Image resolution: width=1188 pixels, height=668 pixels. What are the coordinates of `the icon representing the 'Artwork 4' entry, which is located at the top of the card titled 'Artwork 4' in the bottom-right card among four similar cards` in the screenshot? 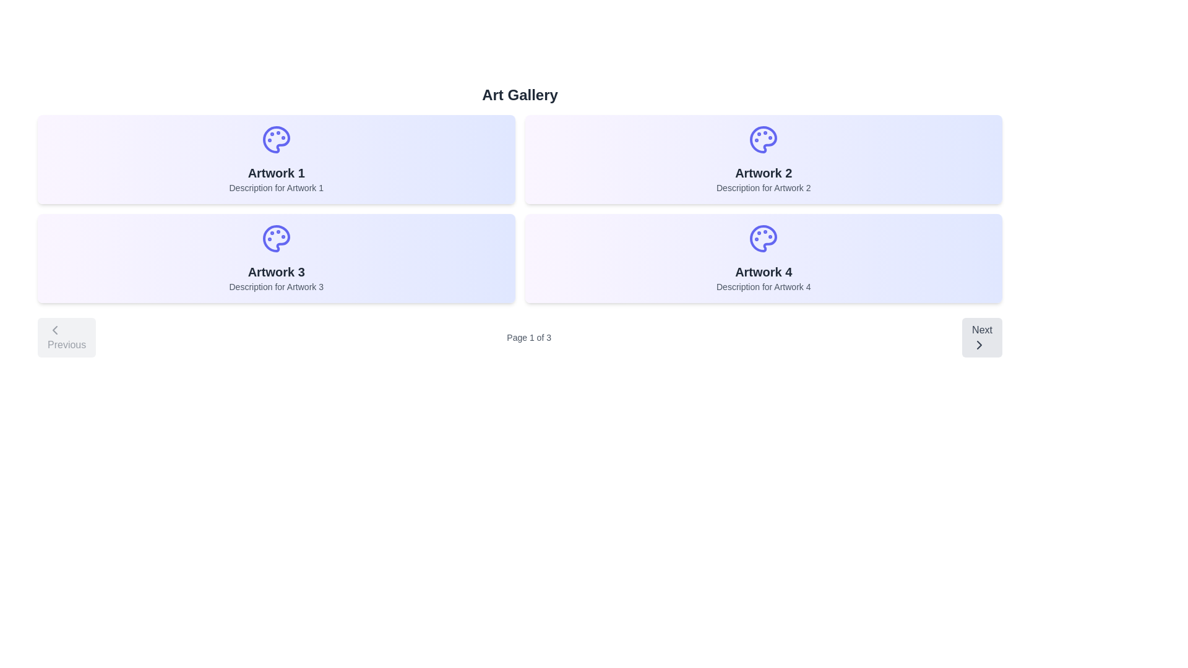 It's located at (763, 238).